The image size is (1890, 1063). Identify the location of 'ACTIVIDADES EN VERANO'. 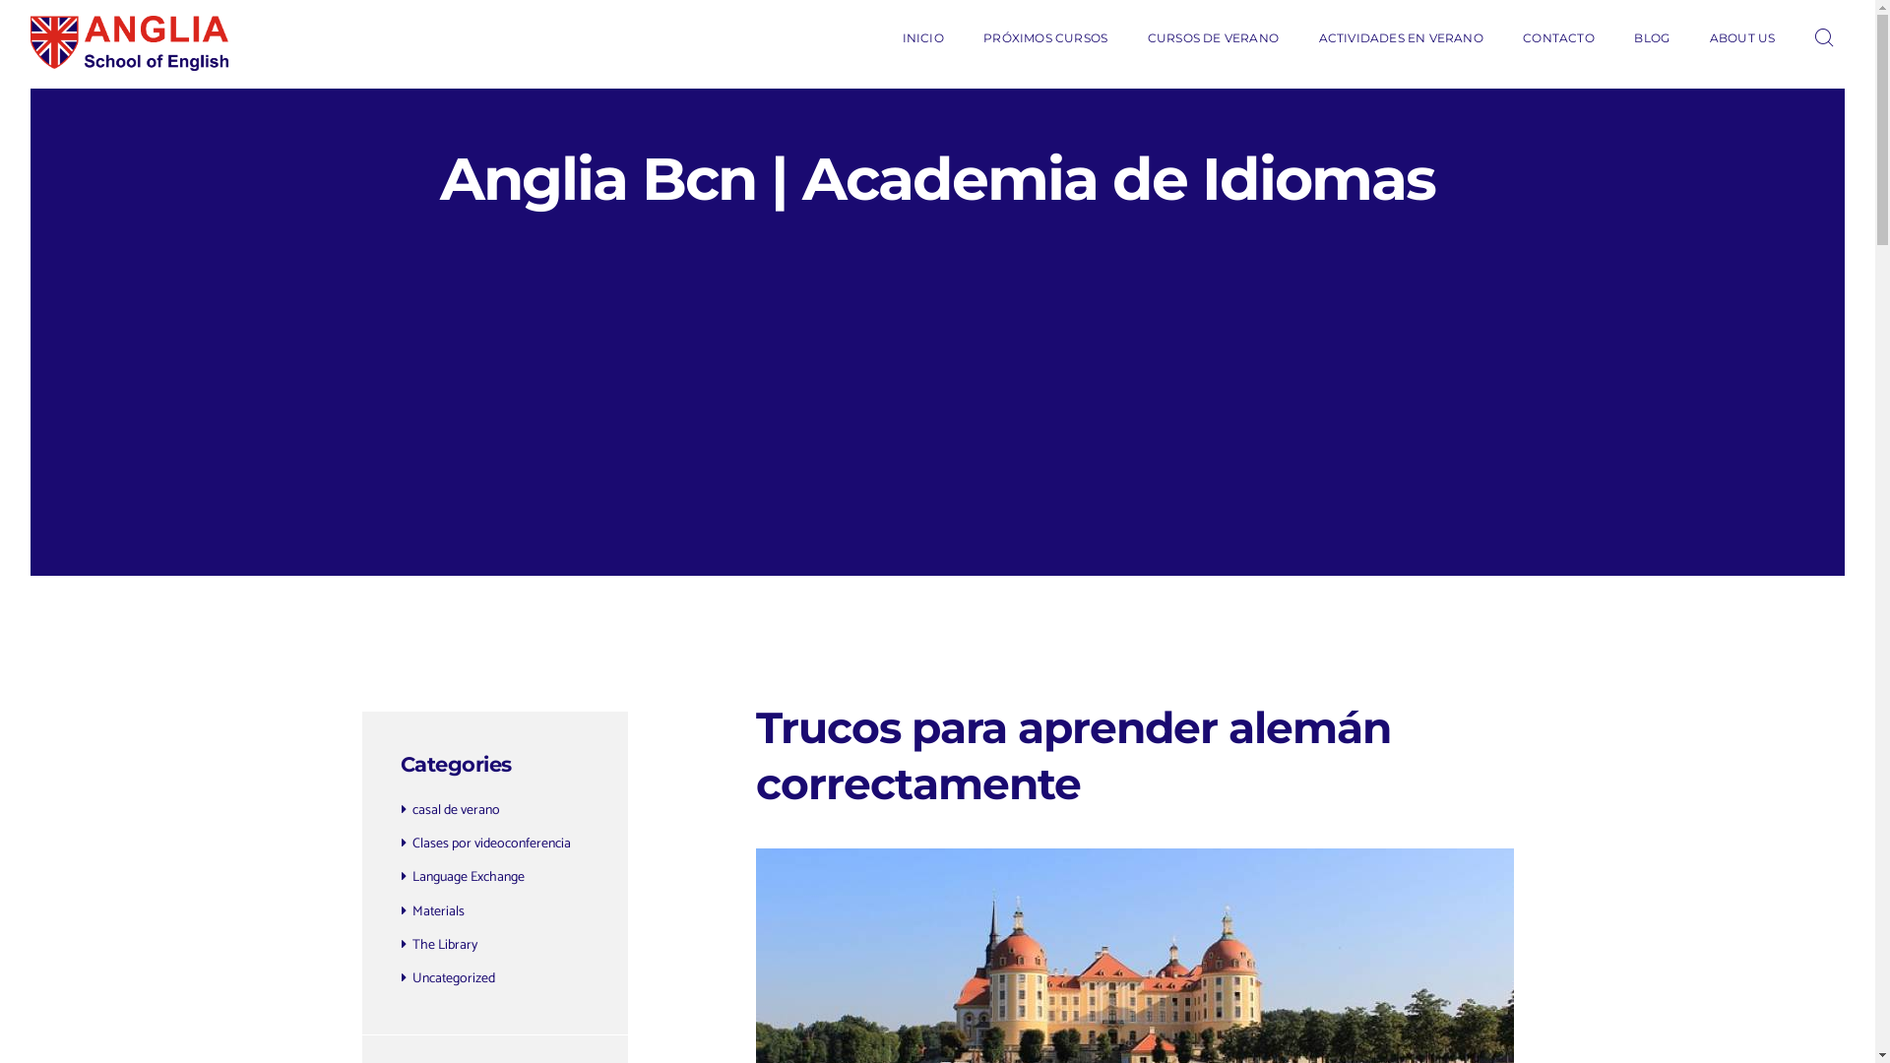
(1399, 37).